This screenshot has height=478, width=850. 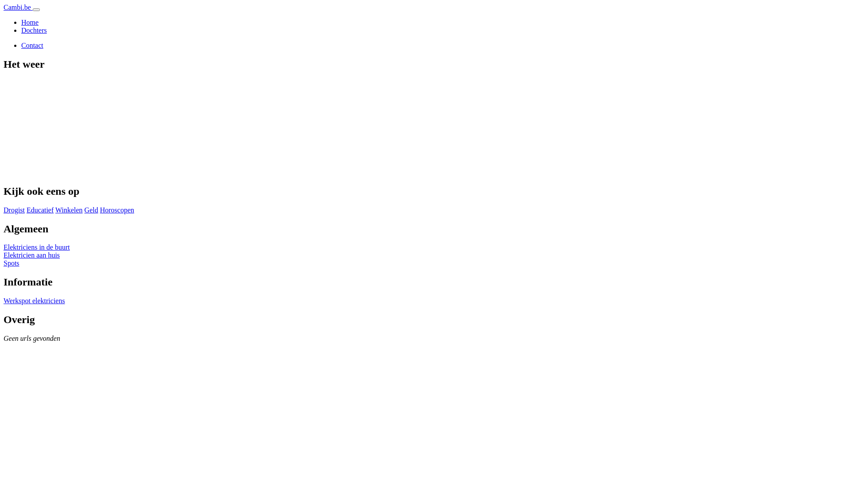 I want to click on 'Elektricien aan huis', so click(x=31, y=255).